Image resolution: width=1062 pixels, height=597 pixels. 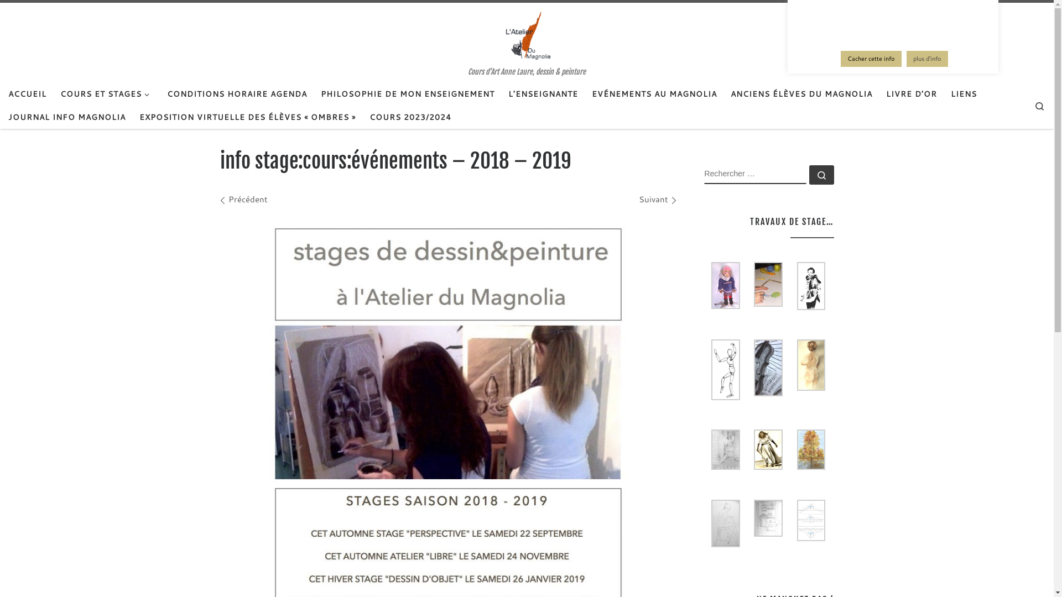 I want to click on 'COURS 2023/2024', so click(x=410, y=117).